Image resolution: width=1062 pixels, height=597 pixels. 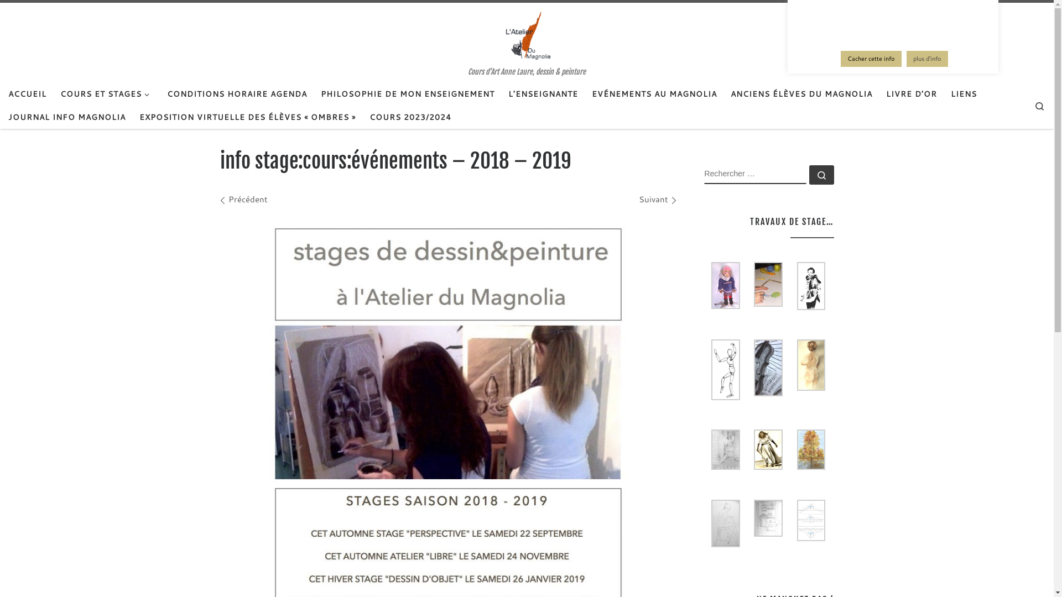 I want to click on 'COURS 2023/2024', so click(x=410, y=117).